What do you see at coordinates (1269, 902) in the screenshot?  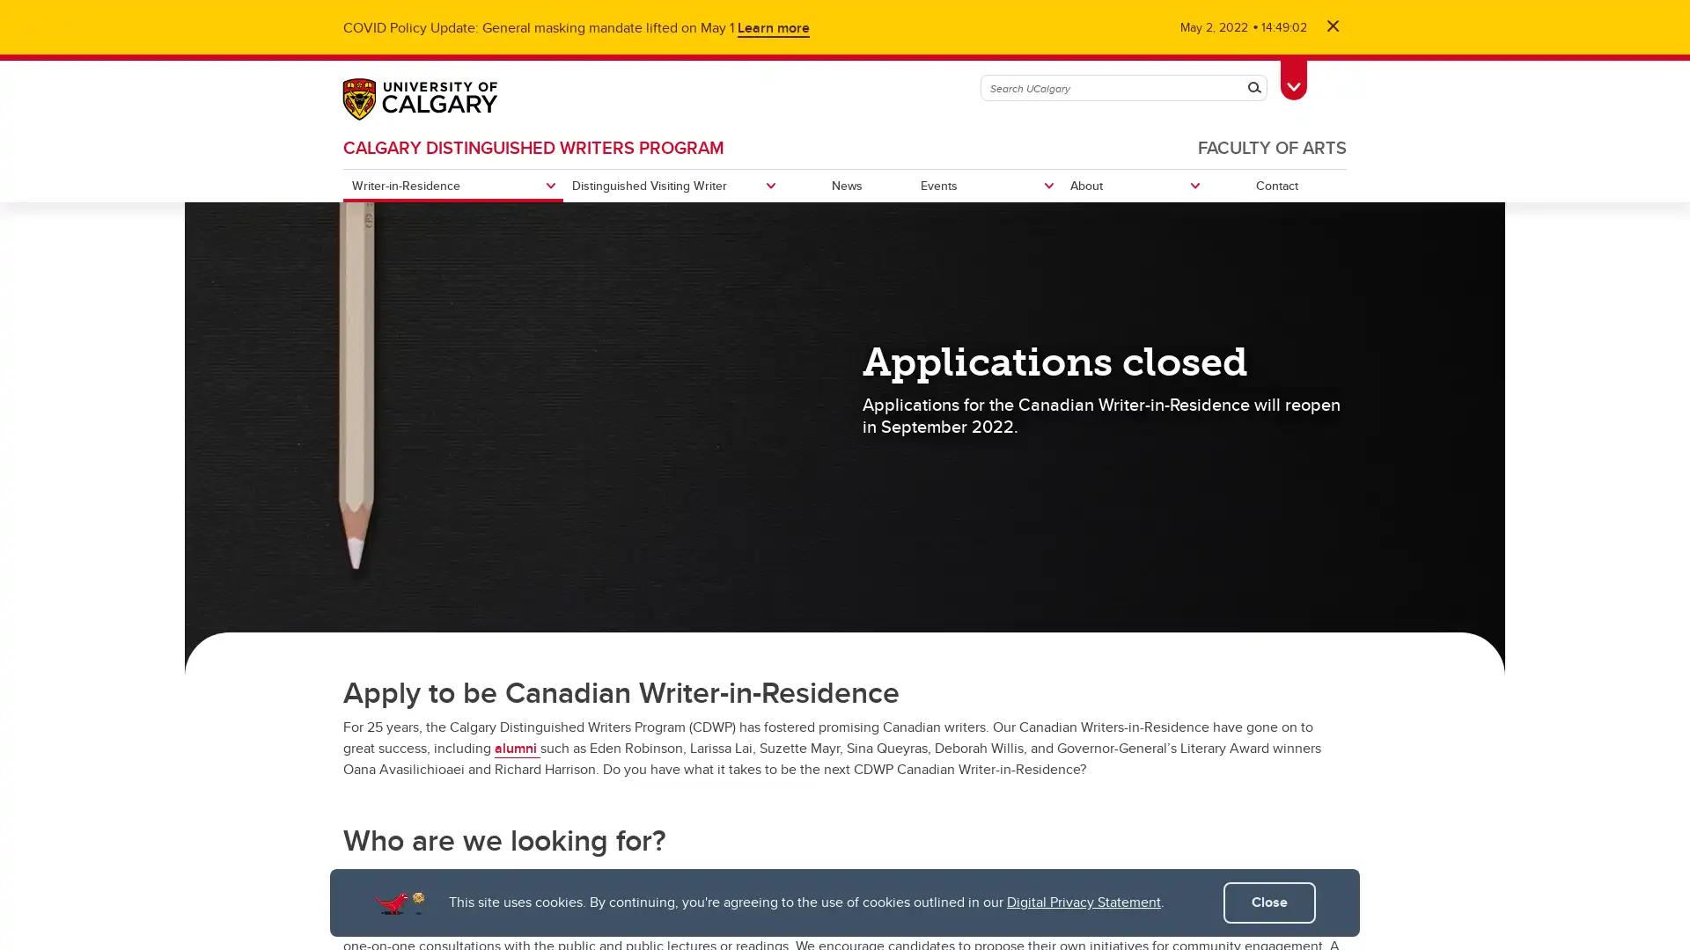 I see `Close` at bounding box center [1269, 902].